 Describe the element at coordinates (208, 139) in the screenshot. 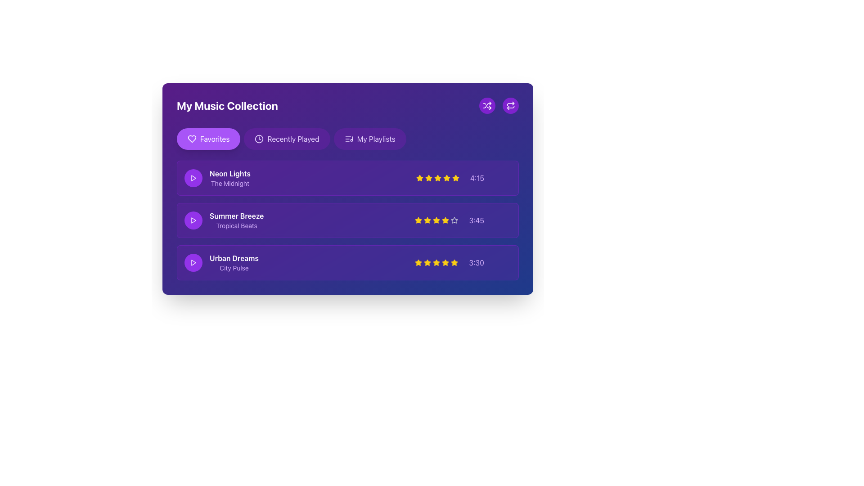

I see `the rounded purple button with a white heart icon and 'Favorites' text` at that location.